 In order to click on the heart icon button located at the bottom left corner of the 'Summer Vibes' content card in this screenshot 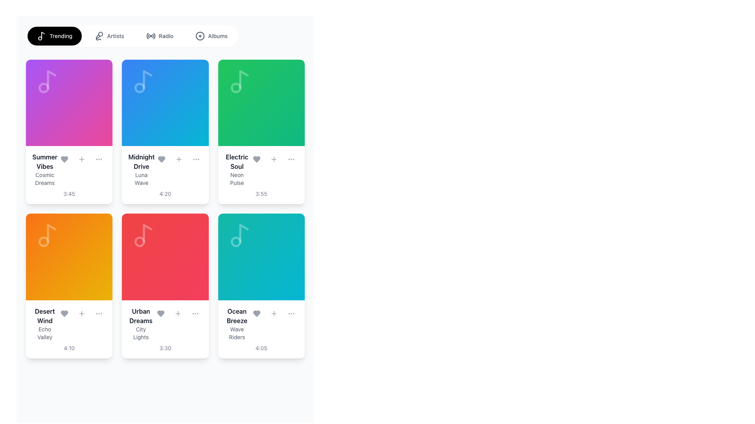, I will do `click(64, 159)`.